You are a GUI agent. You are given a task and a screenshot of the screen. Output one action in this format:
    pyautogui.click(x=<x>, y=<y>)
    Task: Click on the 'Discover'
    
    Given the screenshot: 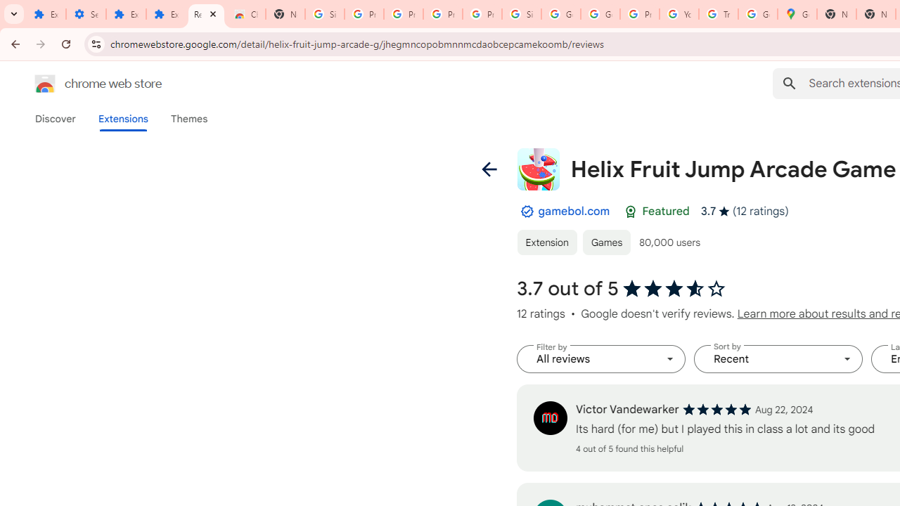 What is the action you would take?
    pyautogui.click(x=56, y=118)
    